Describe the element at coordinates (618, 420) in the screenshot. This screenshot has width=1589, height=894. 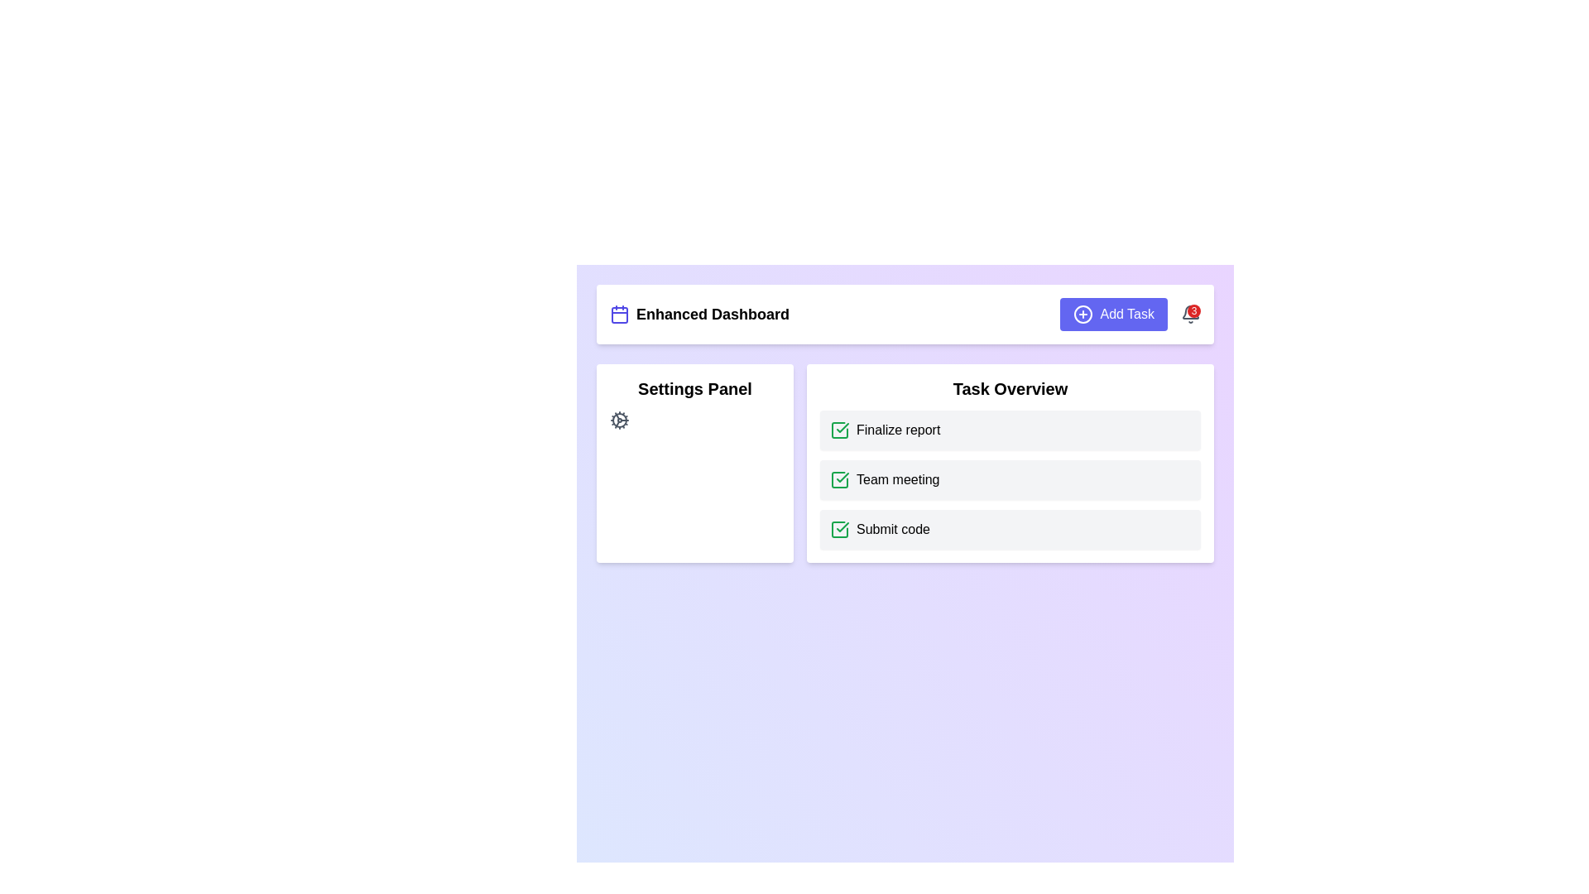
I see `the central circular region of the filled circle inside the gear-shaped configuration icon under the Settings Panel header` at that location.